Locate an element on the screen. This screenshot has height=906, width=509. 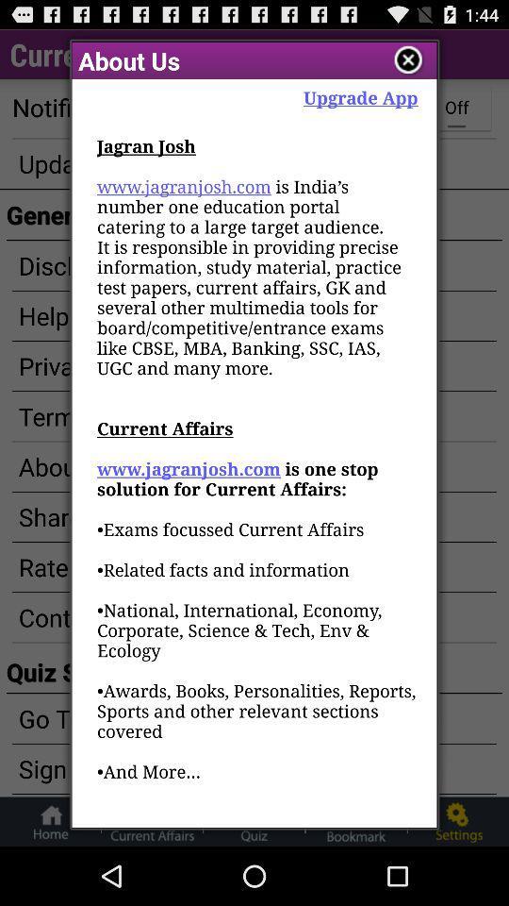
page is located at coordinates (407, 60).